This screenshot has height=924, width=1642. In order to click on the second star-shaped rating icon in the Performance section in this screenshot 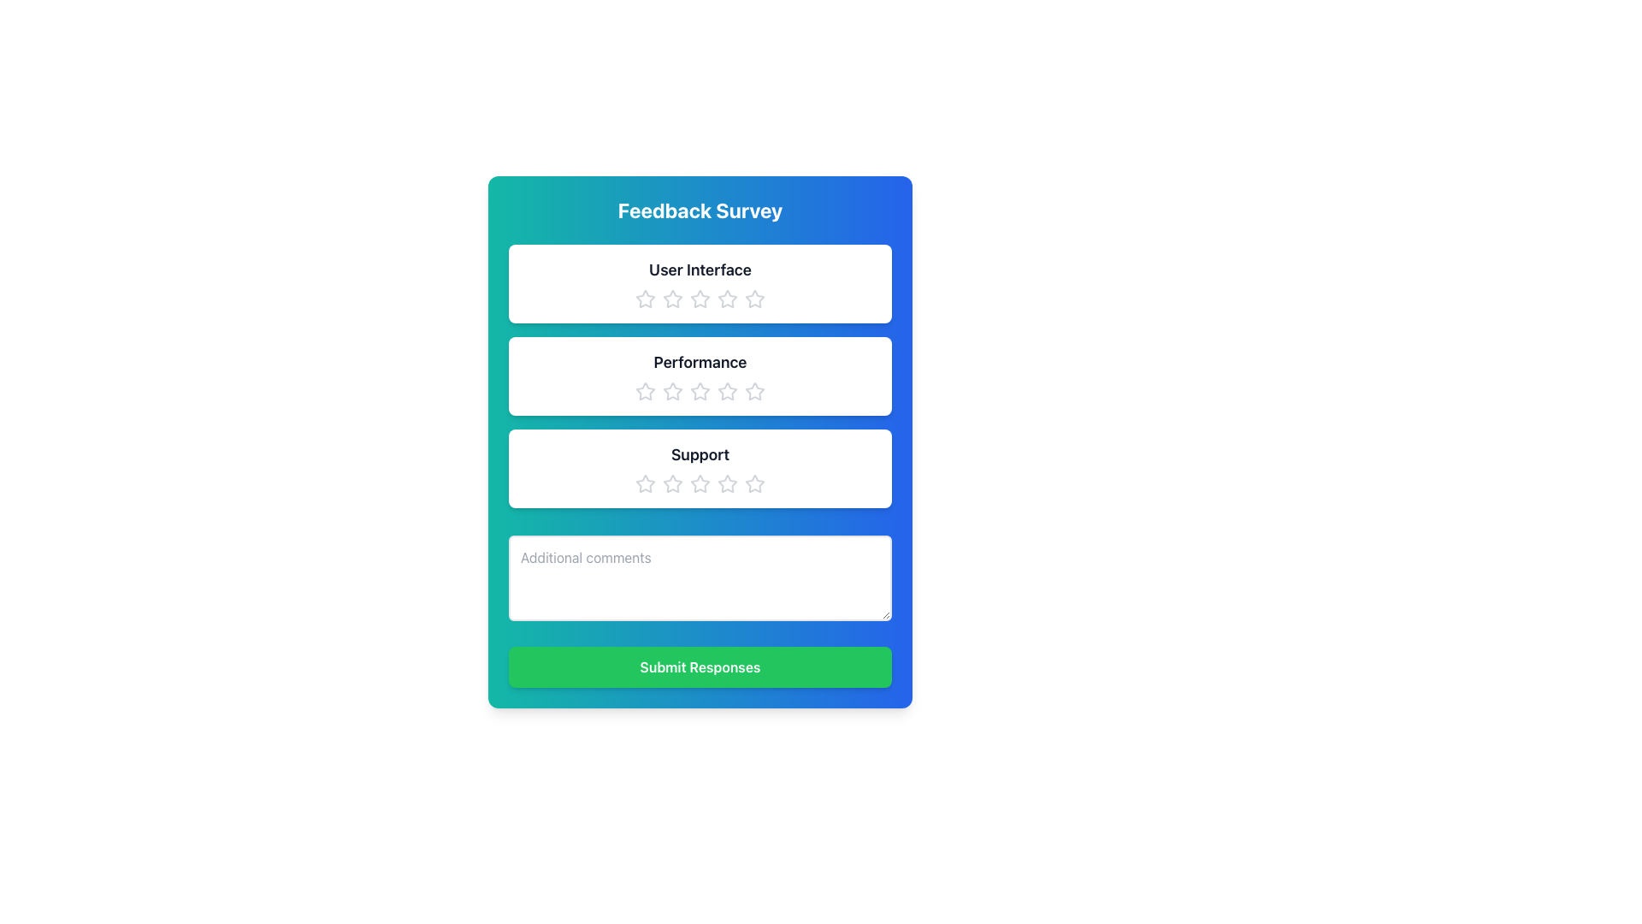, I will do `click(672, 391)`.